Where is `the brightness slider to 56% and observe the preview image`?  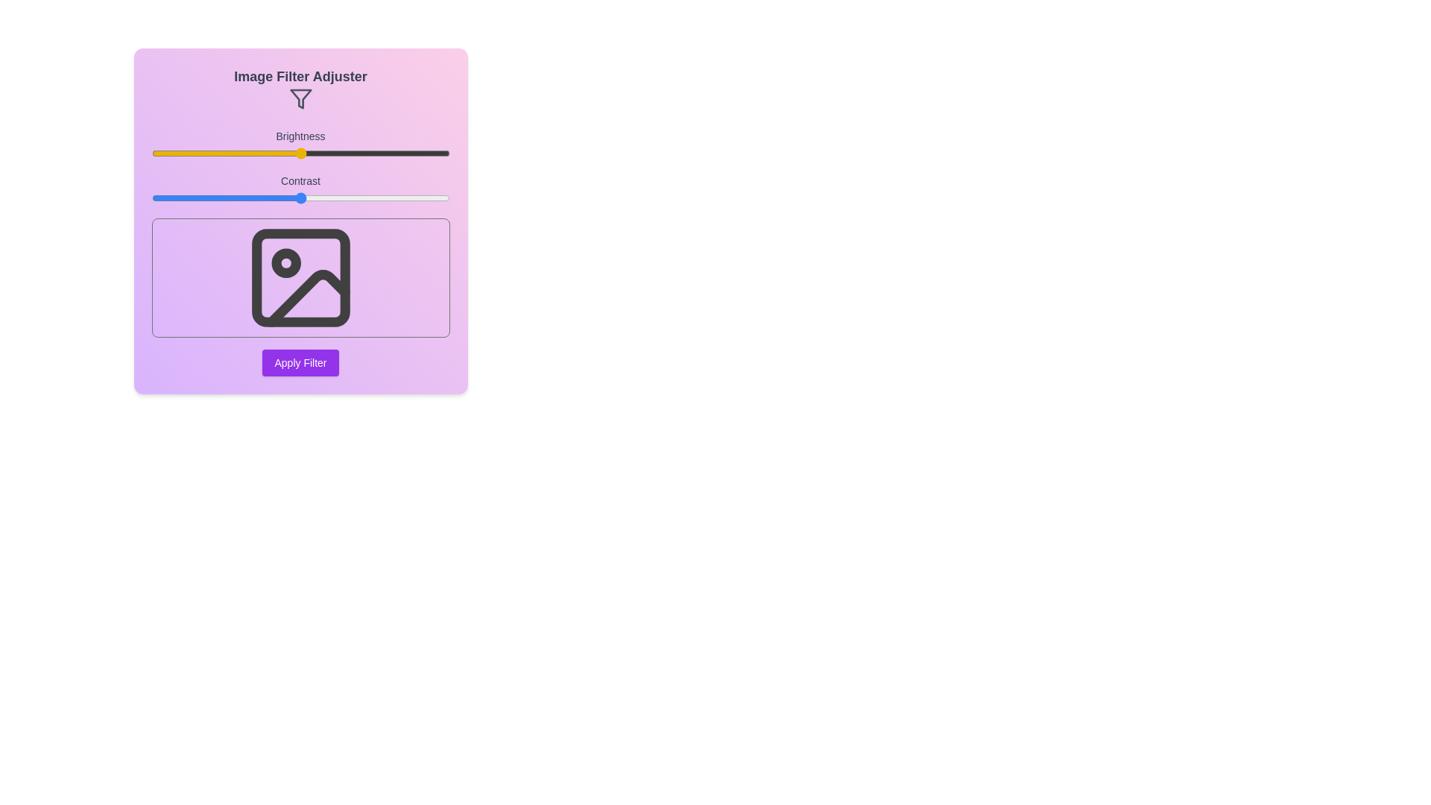 the brightness slider to 56% and observe the preview image is located at coordinates (318, 153).